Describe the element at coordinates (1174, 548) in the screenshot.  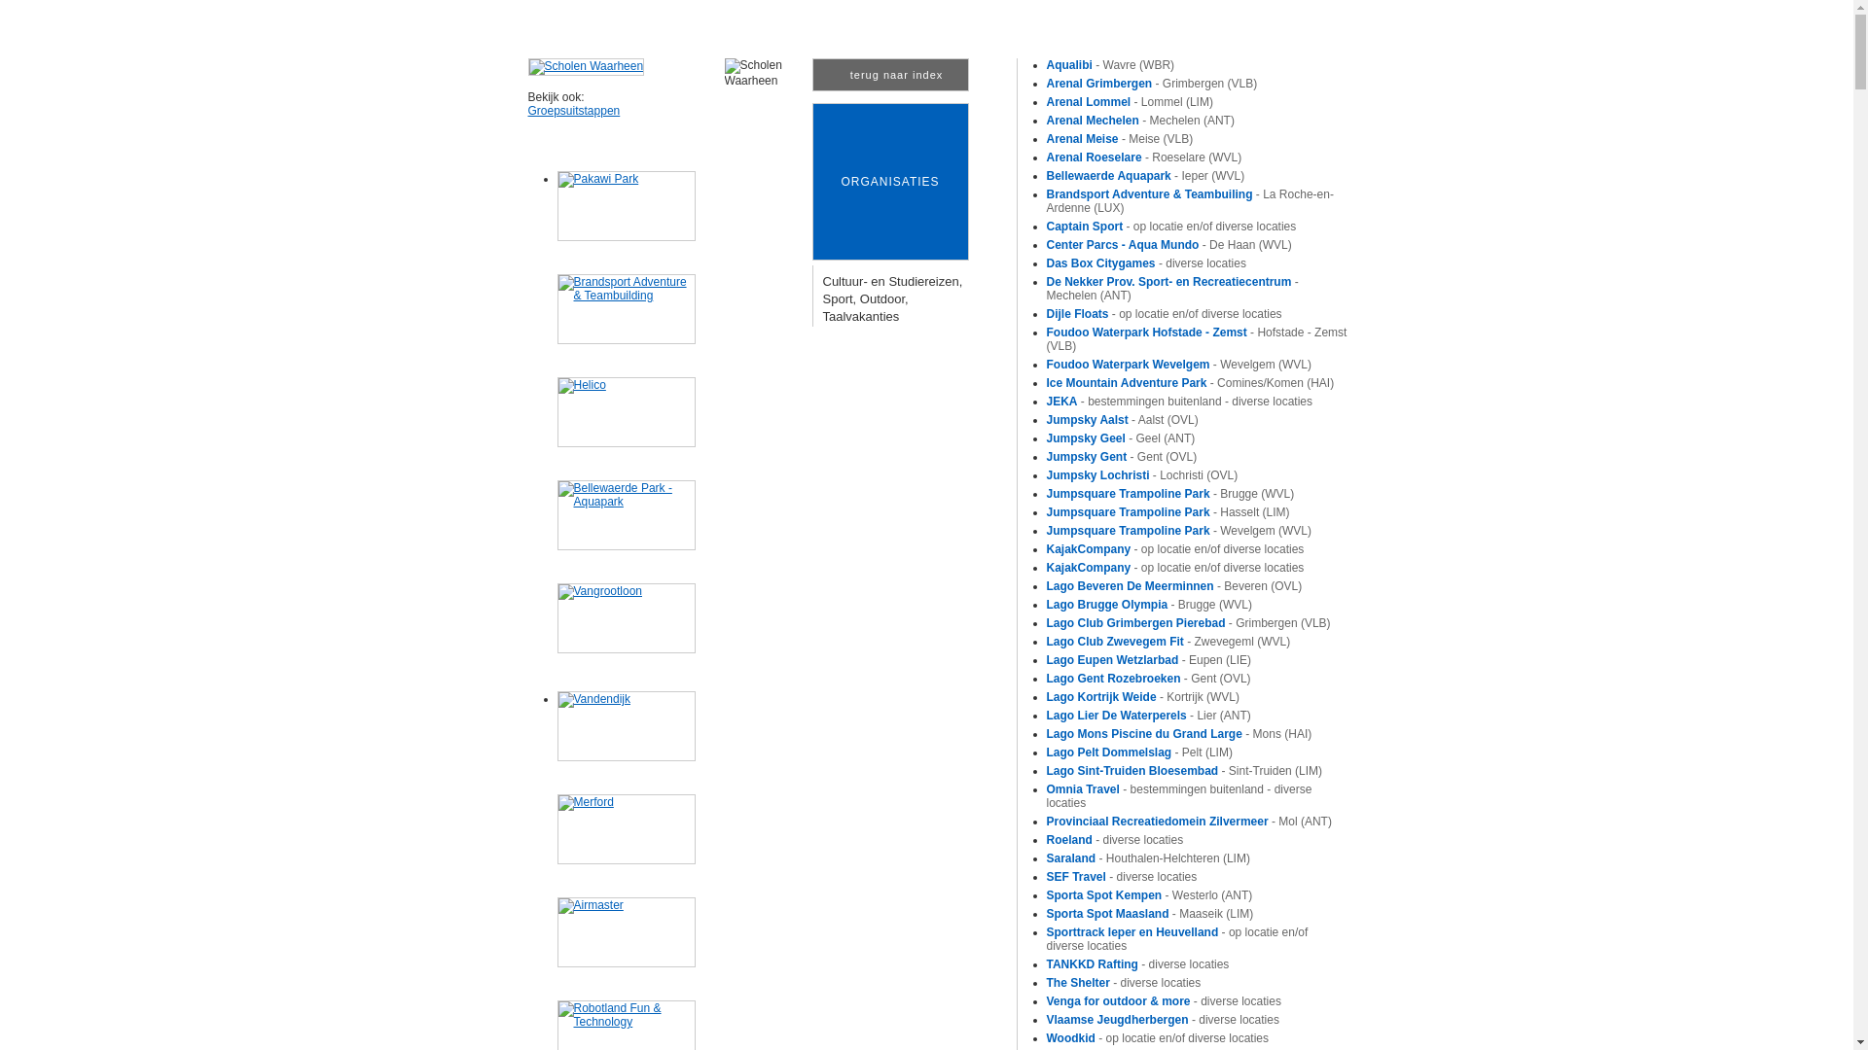
I see `'KajakCompany - op locatie en/of diverse locaties'` at that location.